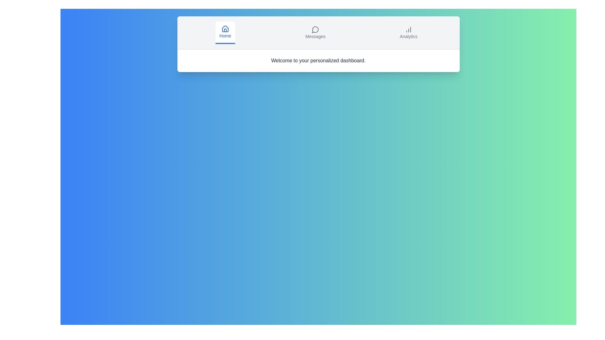 This screenshot has width=605, height=340. I want to click on the Messages tab to switch to it, so click(315, 33).